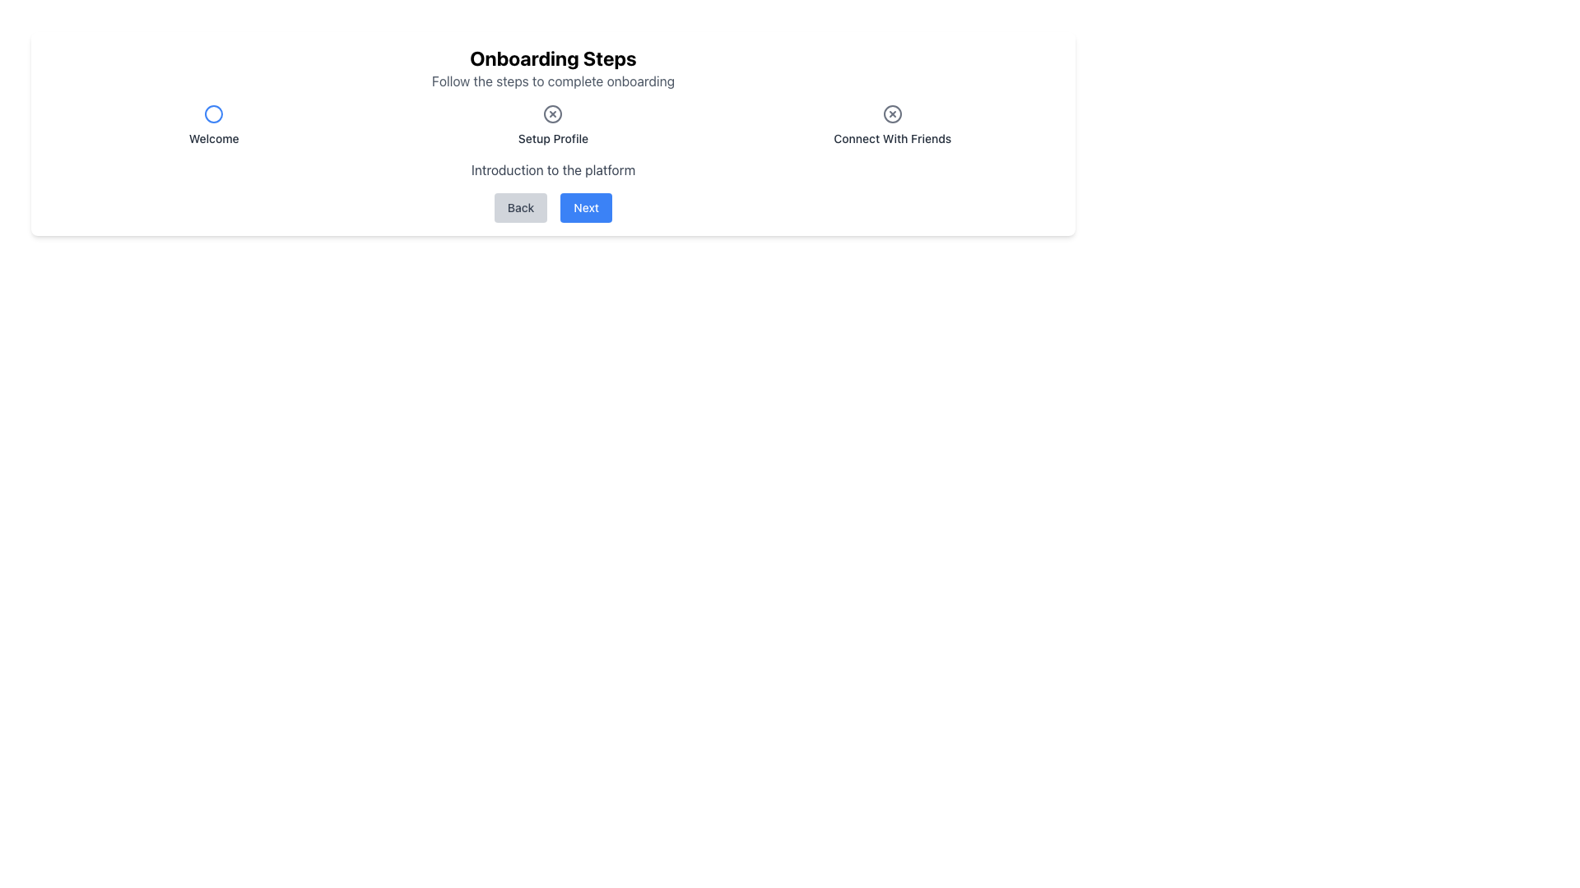  What do you see at coordinates (520, 207) in the screenshot?
I see `the navigation button that allows users to go to the previous step in the workflow` at bounding box center [520, 207].